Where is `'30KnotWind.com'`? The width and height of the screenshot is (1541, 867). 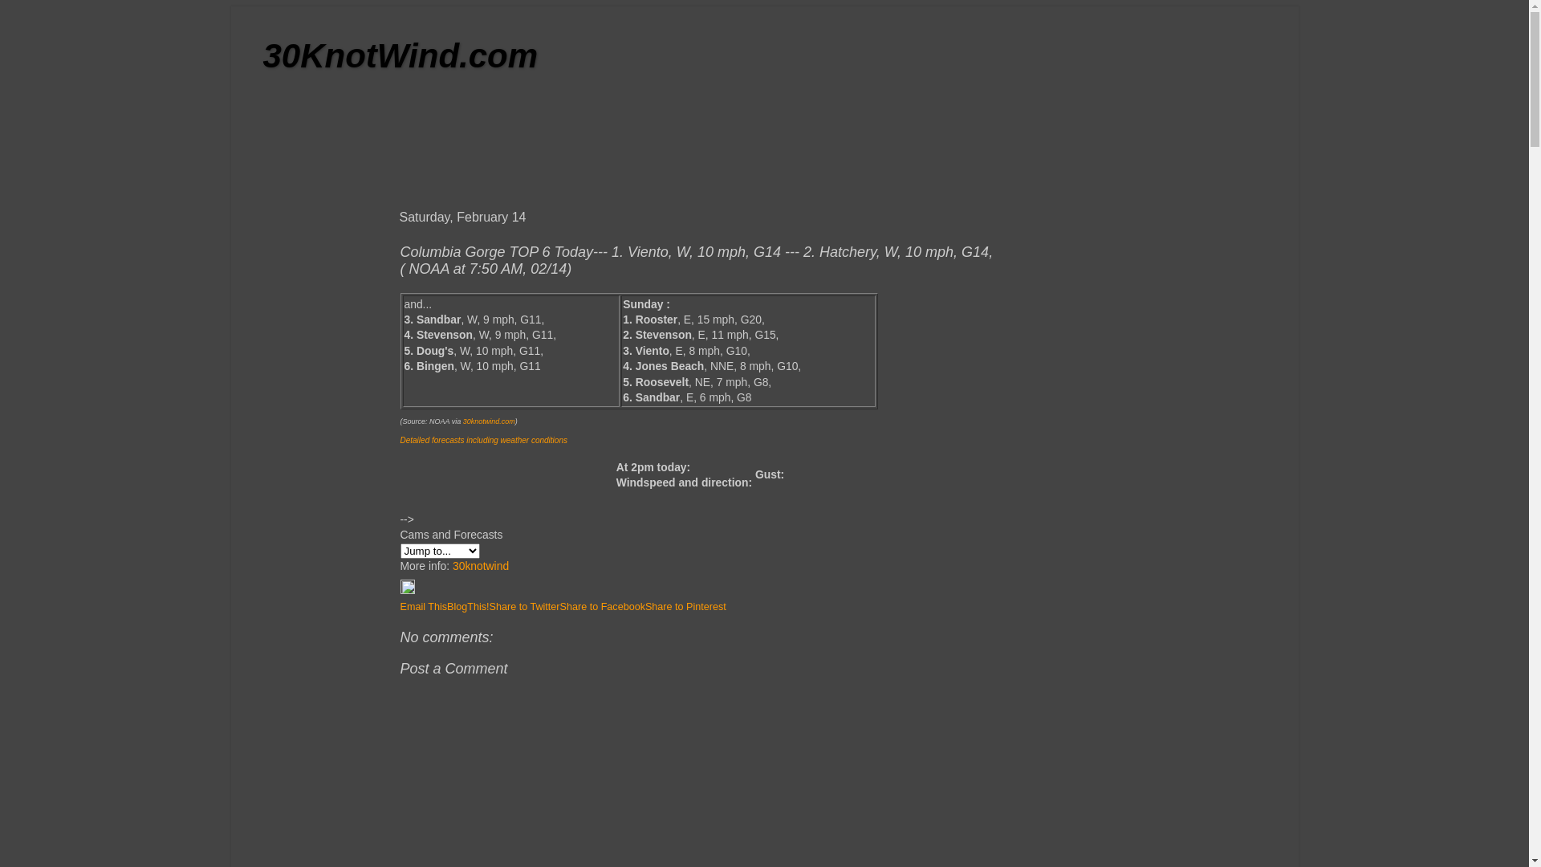 '30KnotWind.com' is located at coordinates (400, 55).